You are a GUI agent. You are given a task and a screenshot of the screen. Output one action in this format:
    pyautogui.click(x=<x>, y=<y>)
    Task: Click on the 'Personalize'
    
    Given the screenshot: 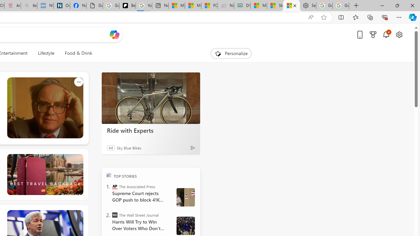 What is the action you would take?
    pyautogui.click(x=231, y=53)
    